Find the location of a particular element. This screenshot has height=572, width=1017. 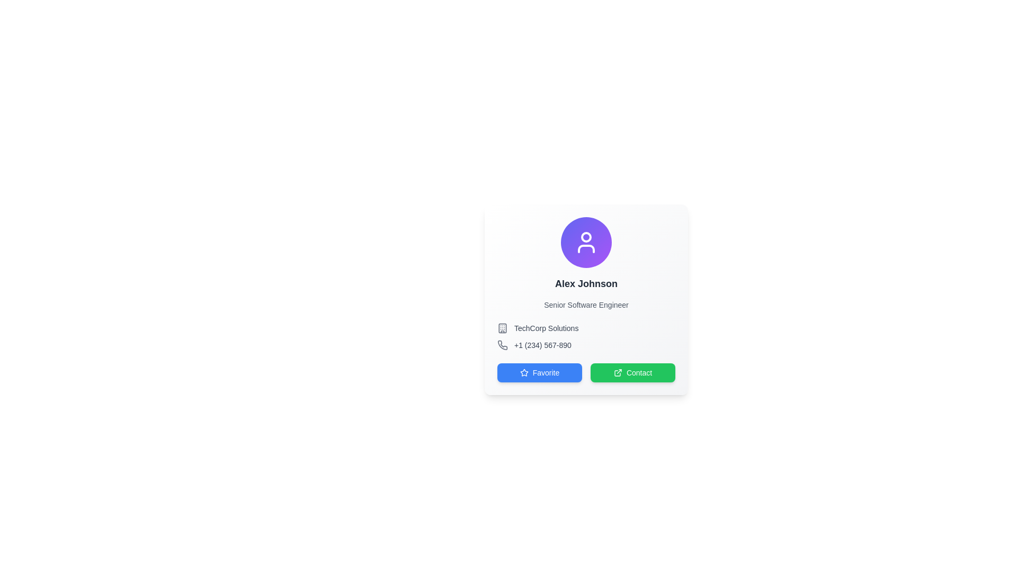

the user profile SVG image located at the top-center of the personal information card, which visually represents the user's identity is located at coordinates (586, 243).